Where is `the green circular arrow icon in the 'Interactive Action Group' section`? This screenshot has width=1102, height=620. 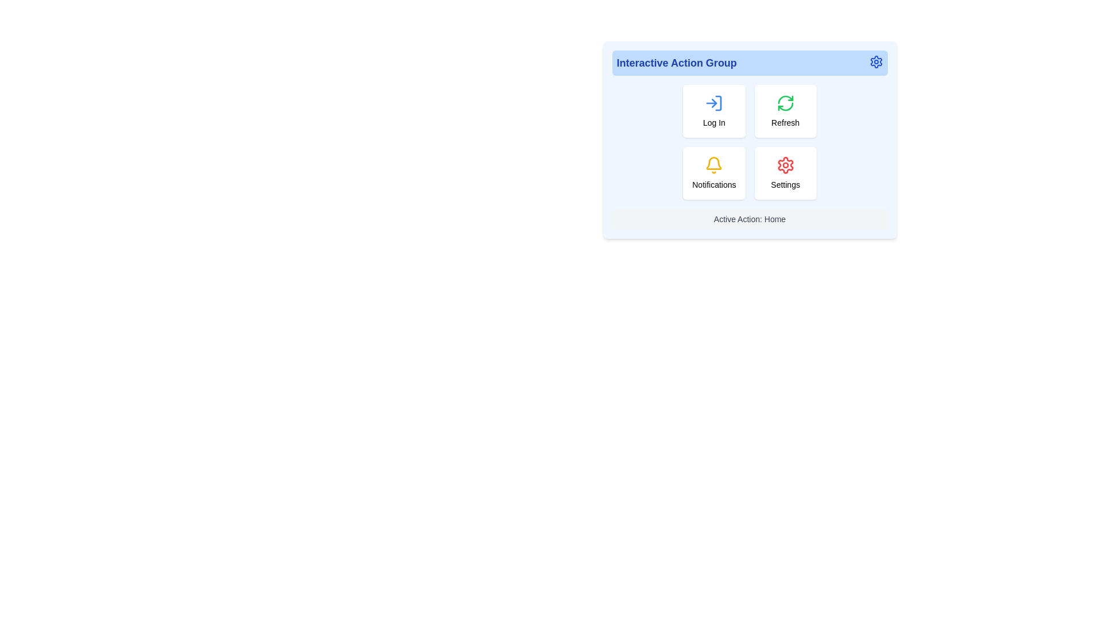 the green circular arrow icon in the 'Interactive Action Group' section is located at coordinates (785, 103).